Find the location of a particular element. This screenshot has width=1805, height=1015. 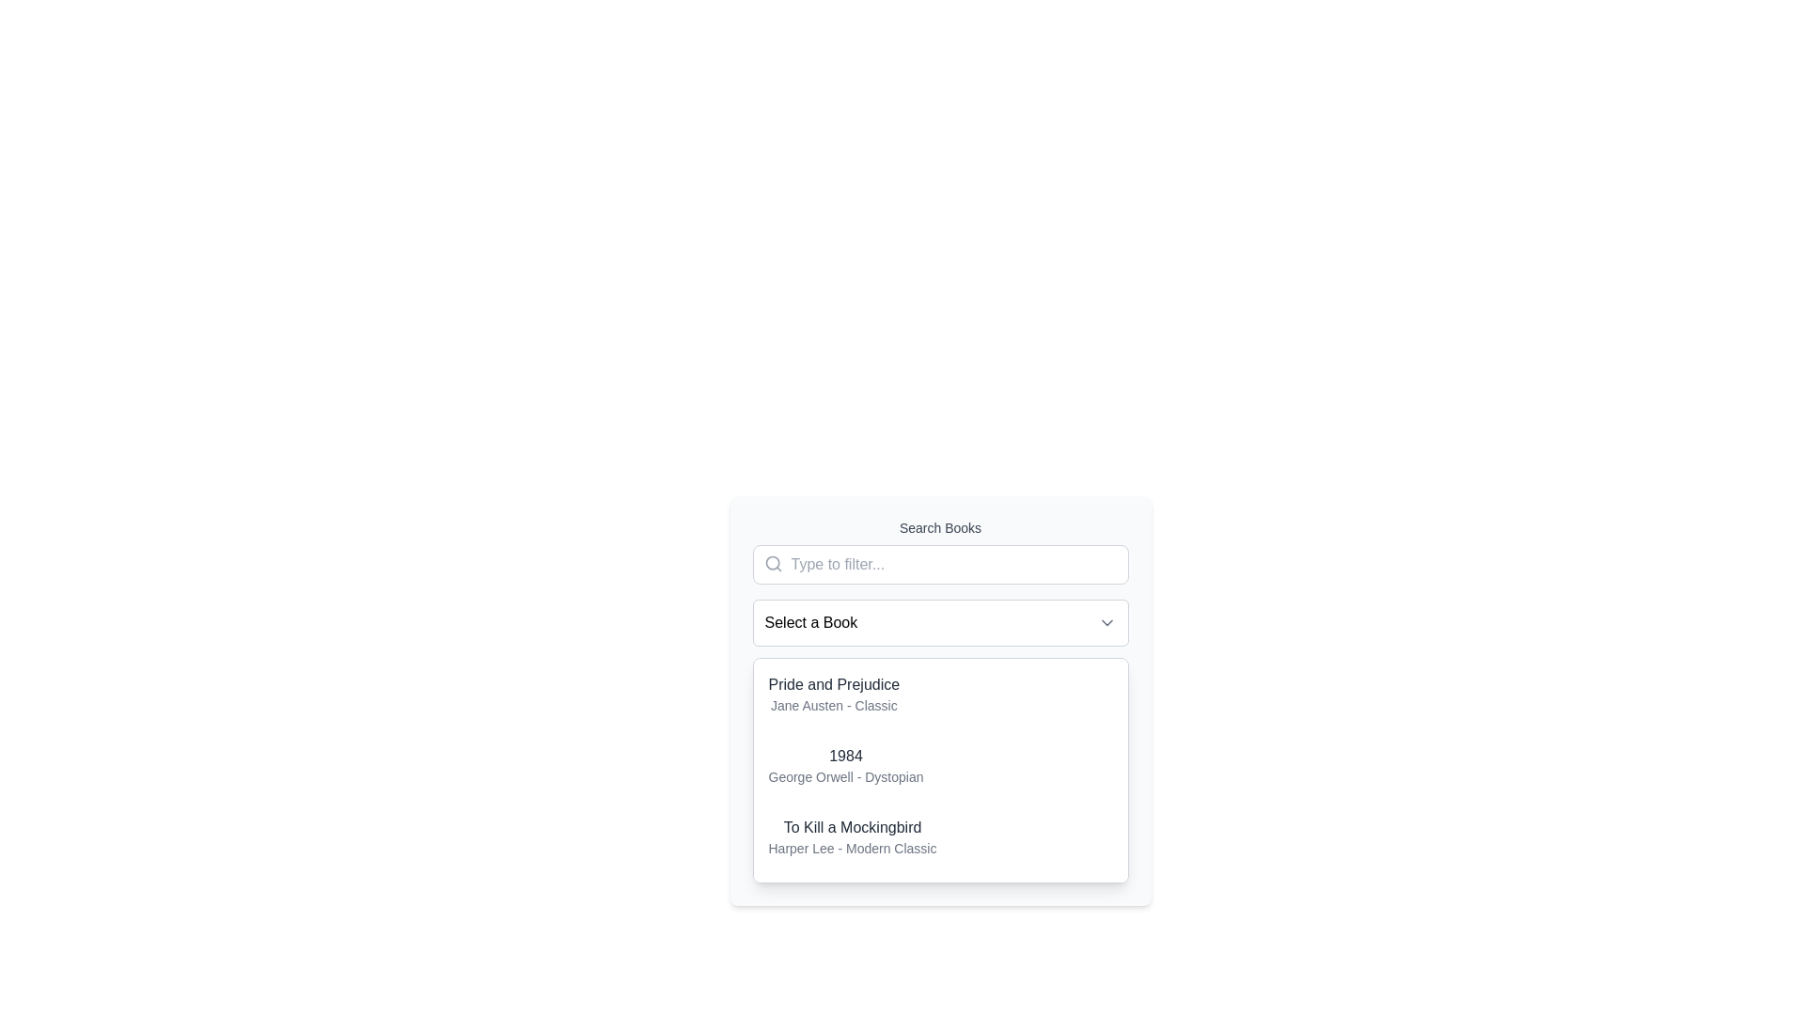

the text block displaying 'Pride and Prejudice' by Jane Austen is located at coordinates (833, 695).